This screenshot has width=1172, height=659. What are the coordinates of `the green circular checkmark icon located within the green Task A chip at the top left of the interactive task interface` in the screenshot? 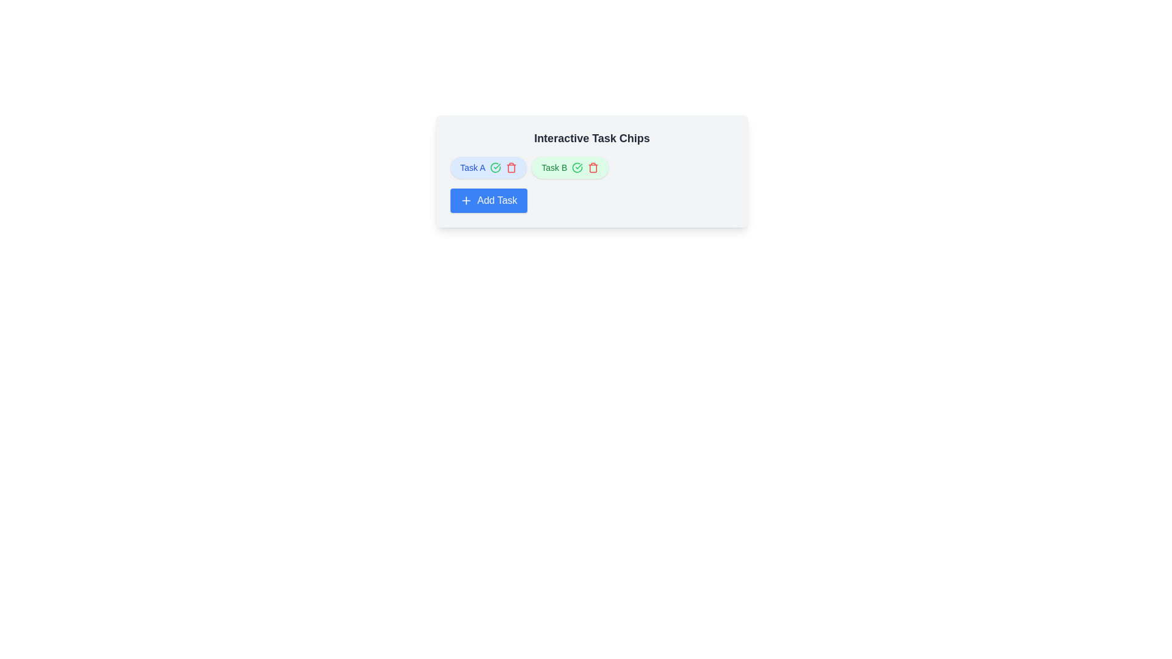 It's located at (577, 167).